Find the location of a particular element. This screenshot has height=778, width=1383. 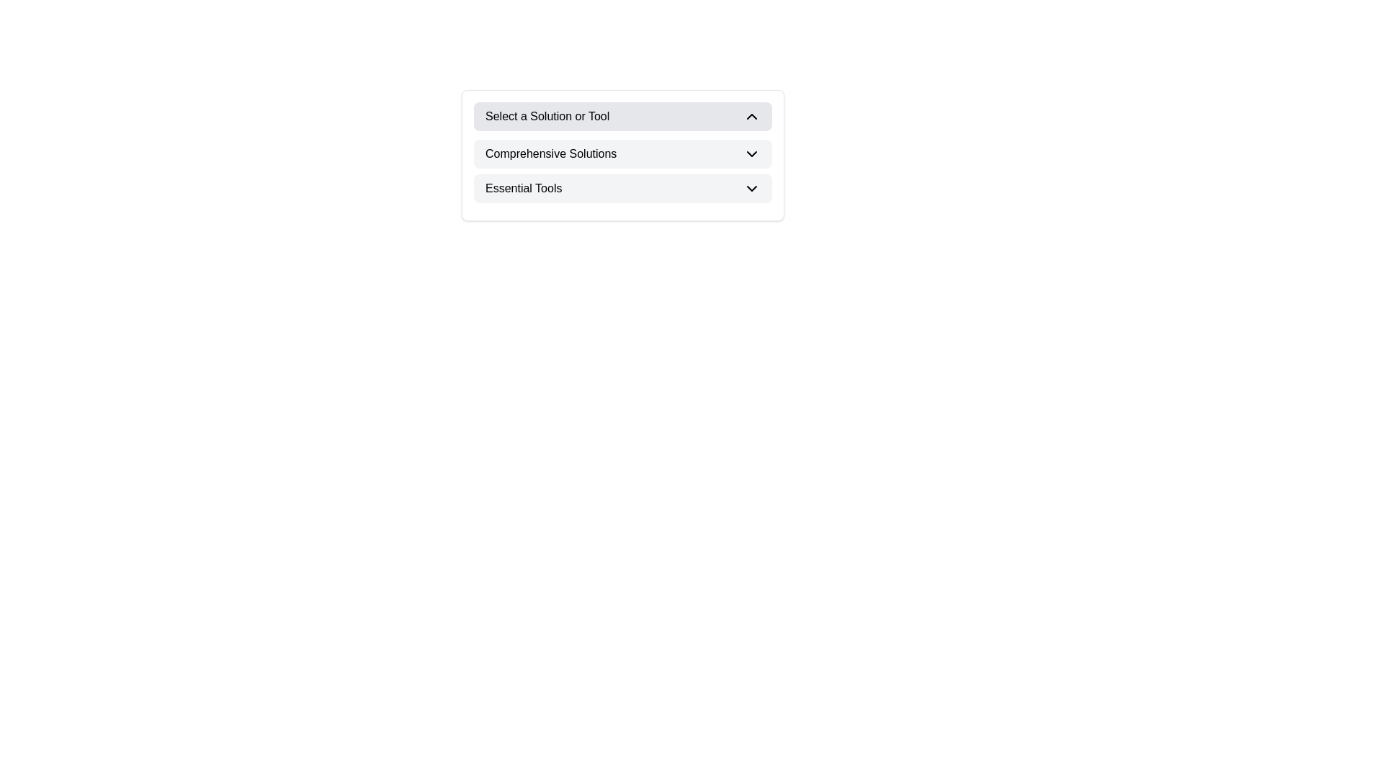

the downward-facing chevron icon located to the far-right of the 'Comprehensive Solutions' button is located at coordinates (751, 153).